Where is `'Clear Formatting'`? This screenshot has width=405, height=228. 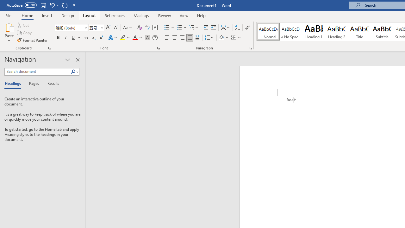 'Clear Formatting' is located at coordinates (140, 27).